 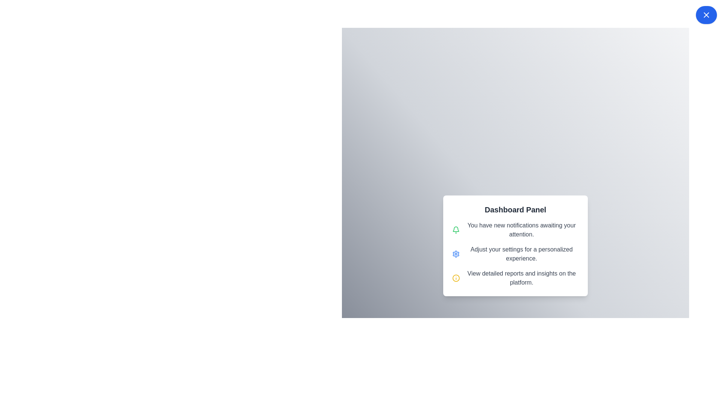 What do you see at coordinates (521, 278) in the screenshot?
I see `descriptive text block that says 'View detailed reports and insights on the platform.' located beneath the yellow circular icon in the vertical list` at bounding box center [521, 278].